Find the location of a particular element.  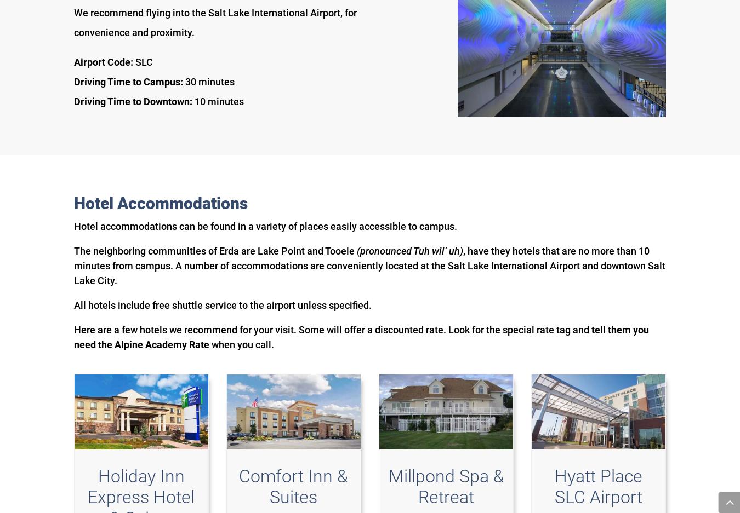

'All hotels include free shuttle service to the airport unless specified.' is located at coordinates (223, 304).